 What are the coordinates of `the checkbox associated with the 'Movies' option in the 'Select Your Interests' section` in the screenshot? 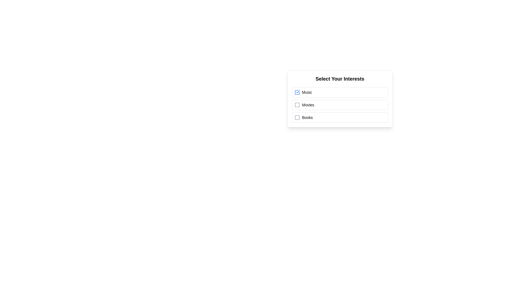 It's located at (297, 105).